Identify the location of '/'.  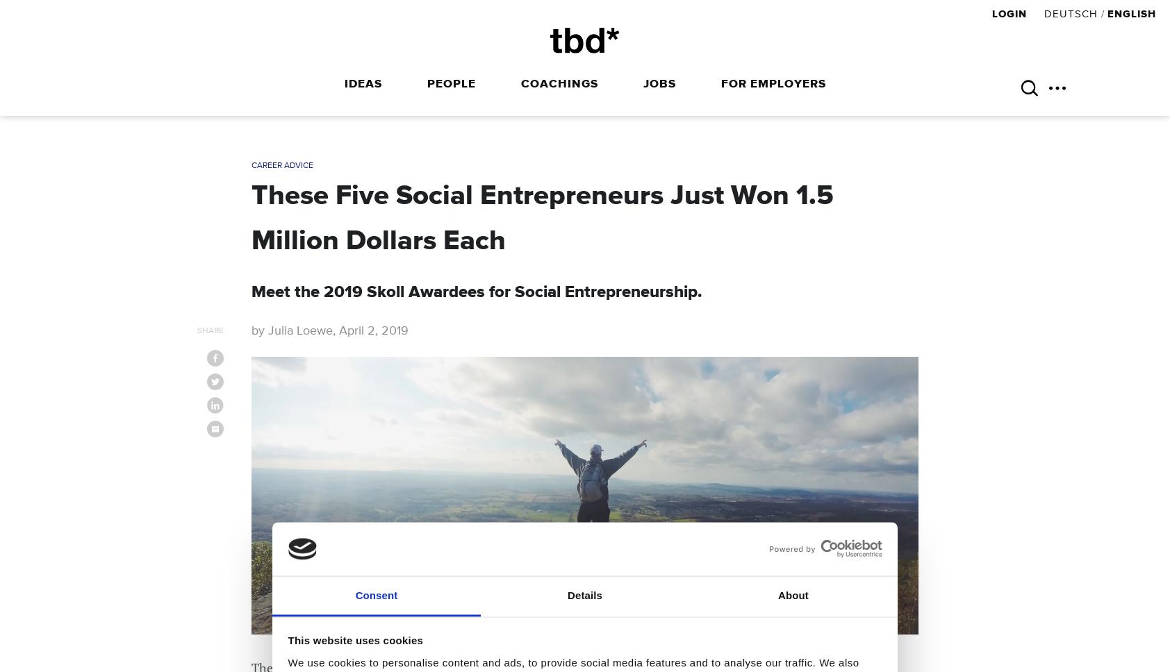
(1102, 14).